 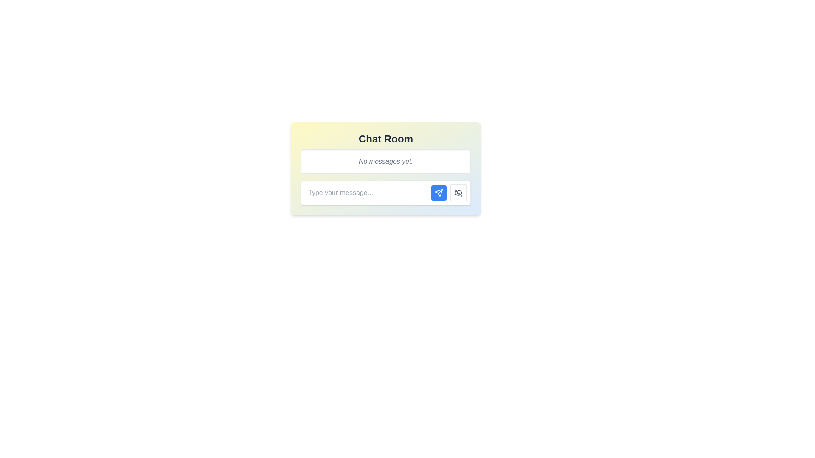 I want to click on the icon button, so click(x=458, y=193).